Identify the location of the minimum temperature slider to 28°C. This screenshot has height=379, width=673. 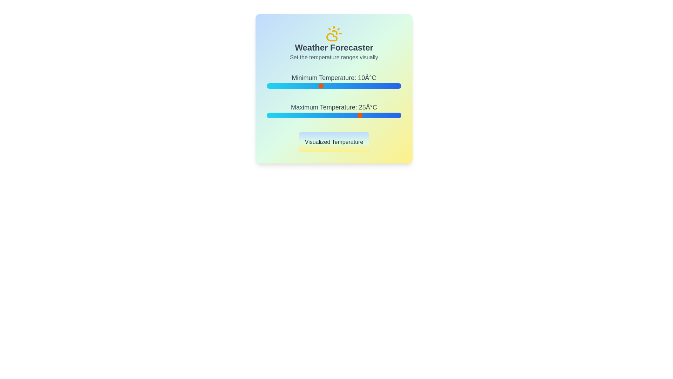
(368, 86).